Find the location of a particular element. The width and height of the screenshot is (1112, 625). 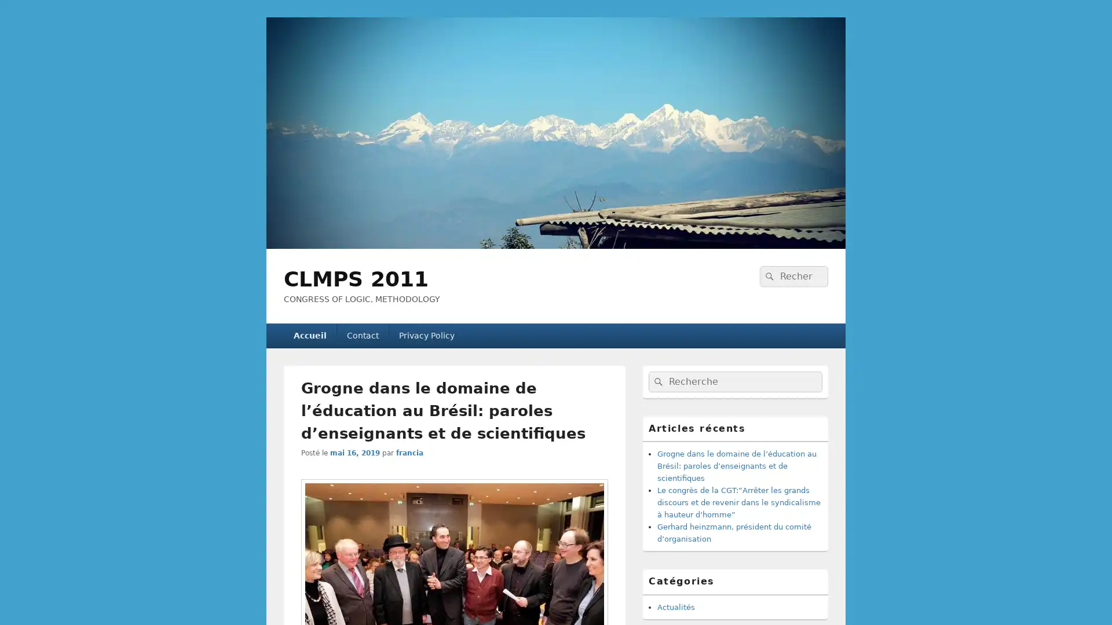

Rechercher is located at coordinates (768, 276).